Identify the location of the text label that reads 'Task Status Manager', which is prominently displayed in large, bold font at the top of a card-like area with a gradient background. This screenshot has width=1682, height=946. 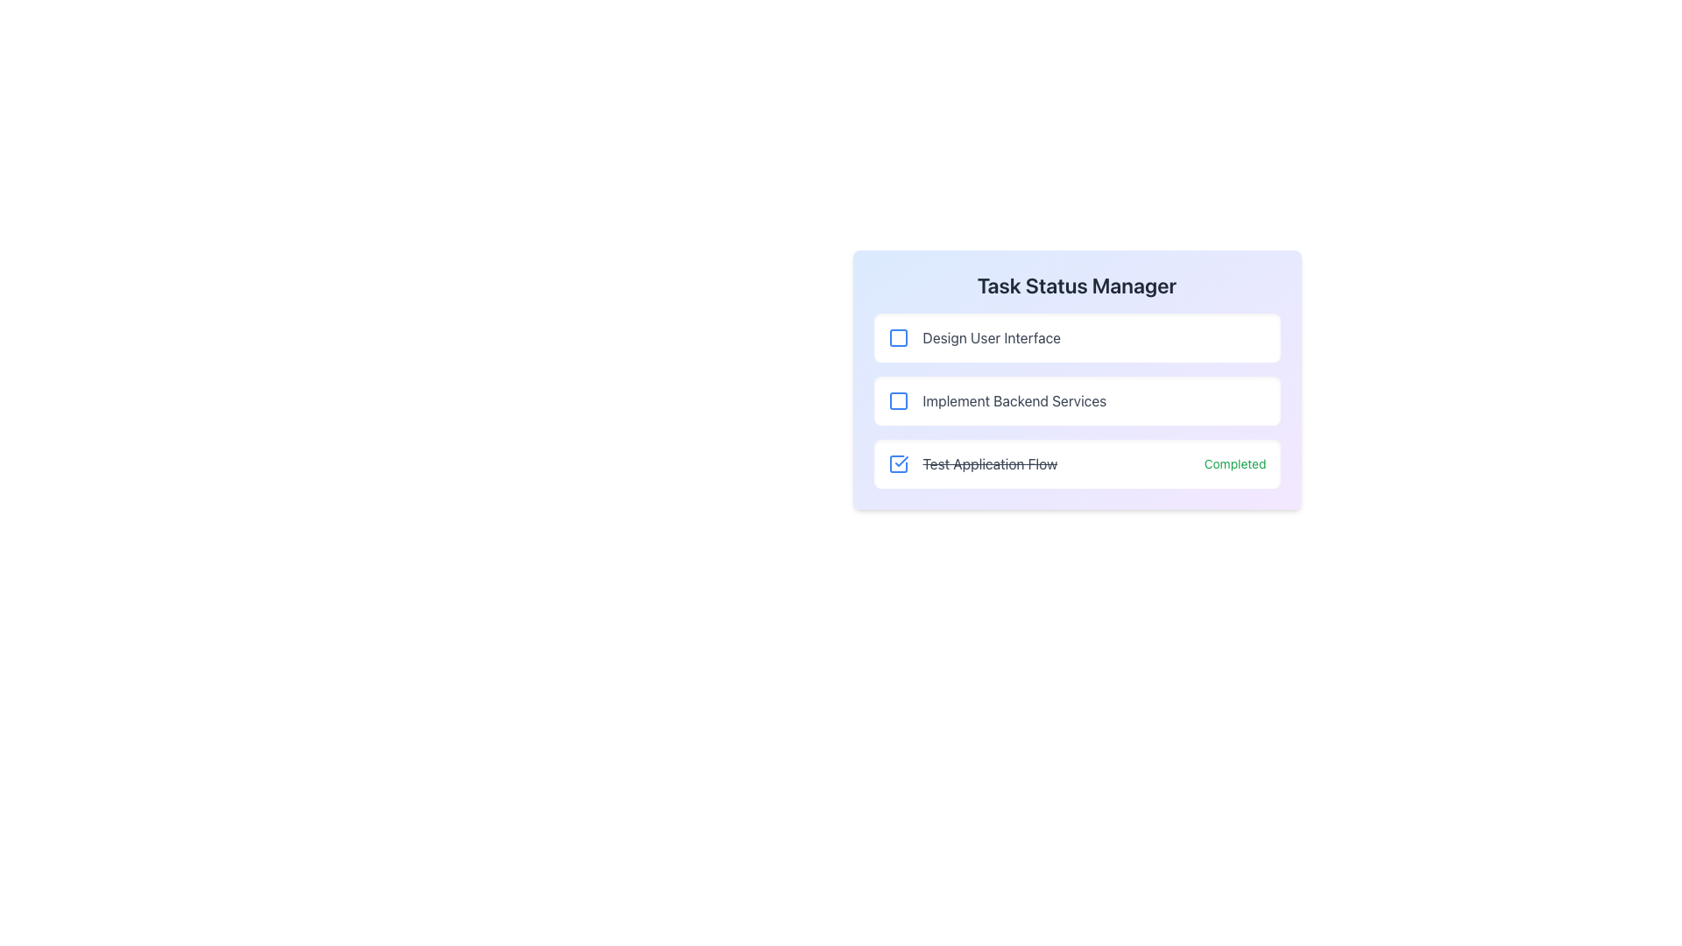
(1076, 285).